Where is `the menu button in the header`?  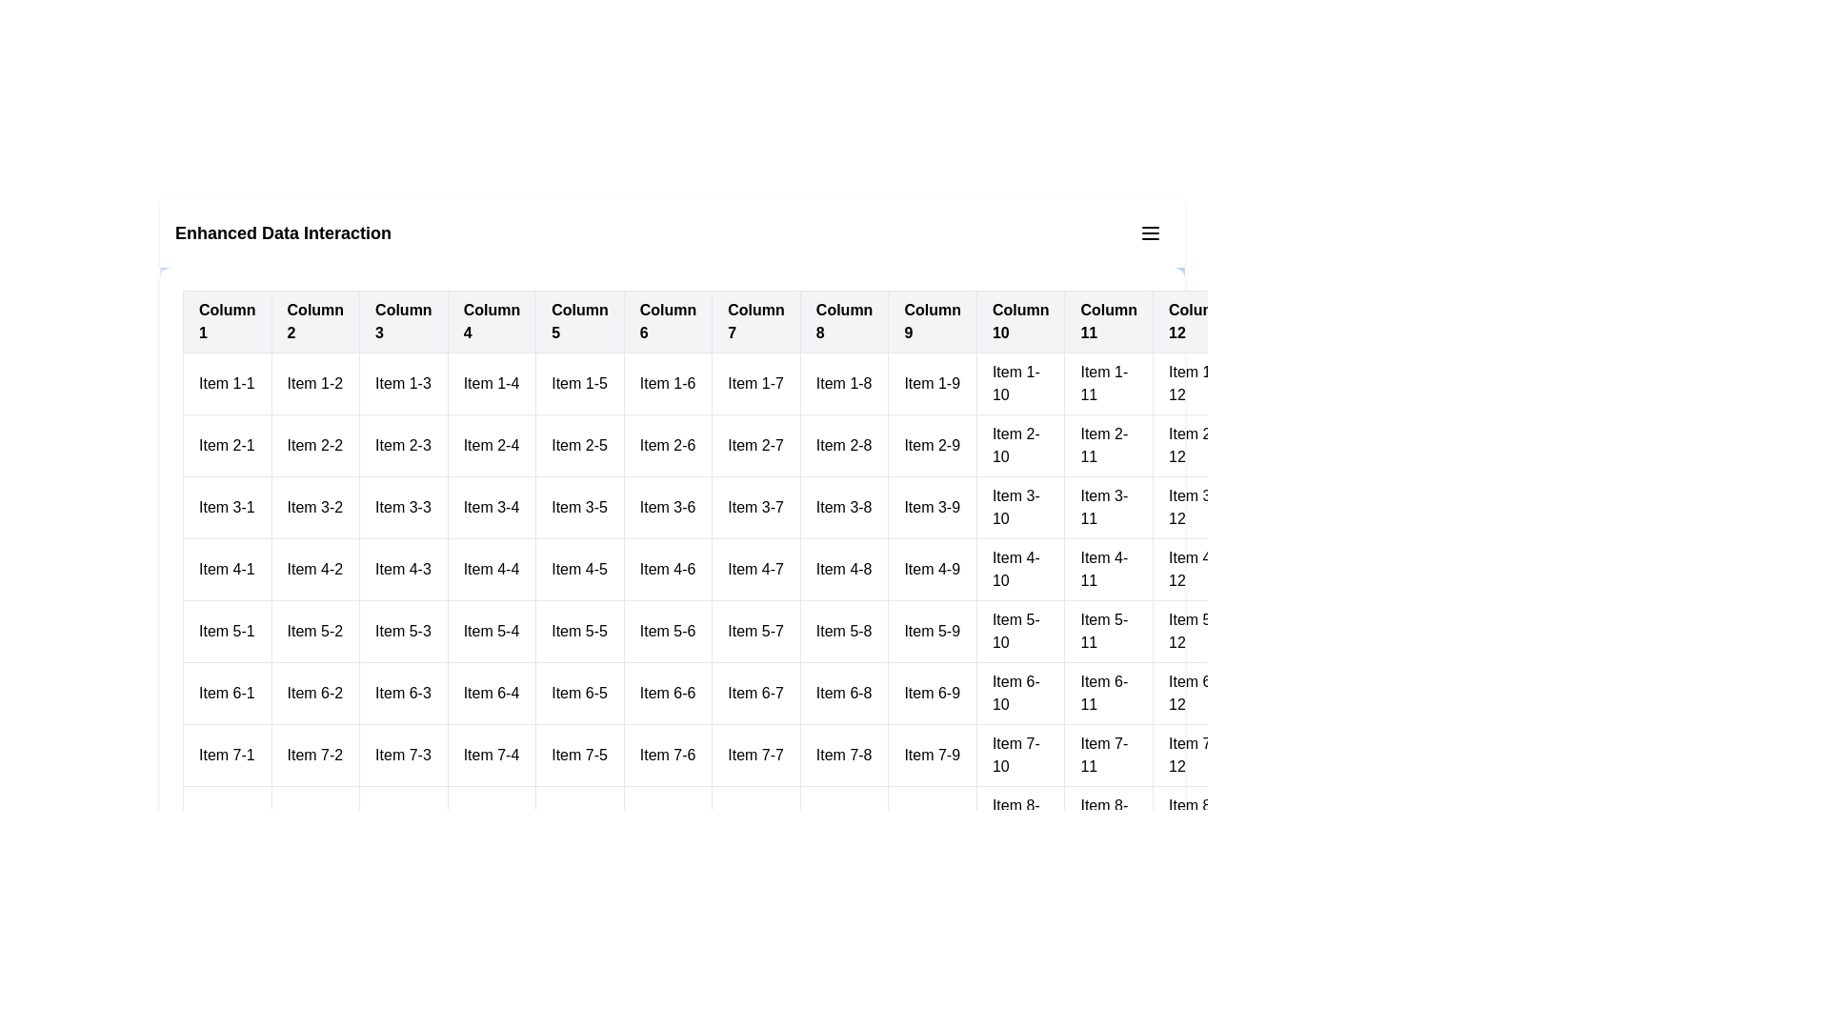
the menu button in the header is located at coordinates (1150, 232).